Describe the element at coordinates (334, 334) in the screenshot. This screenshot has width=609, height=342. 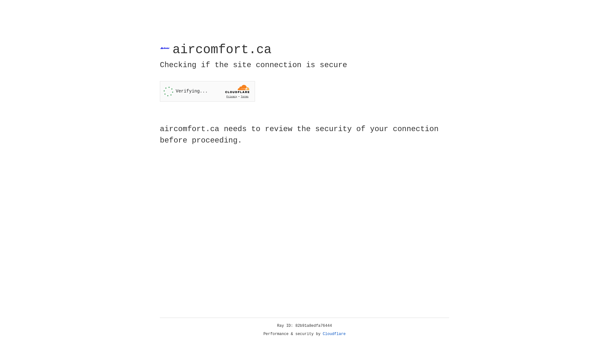
I see `'Cloudflare'` at that location.